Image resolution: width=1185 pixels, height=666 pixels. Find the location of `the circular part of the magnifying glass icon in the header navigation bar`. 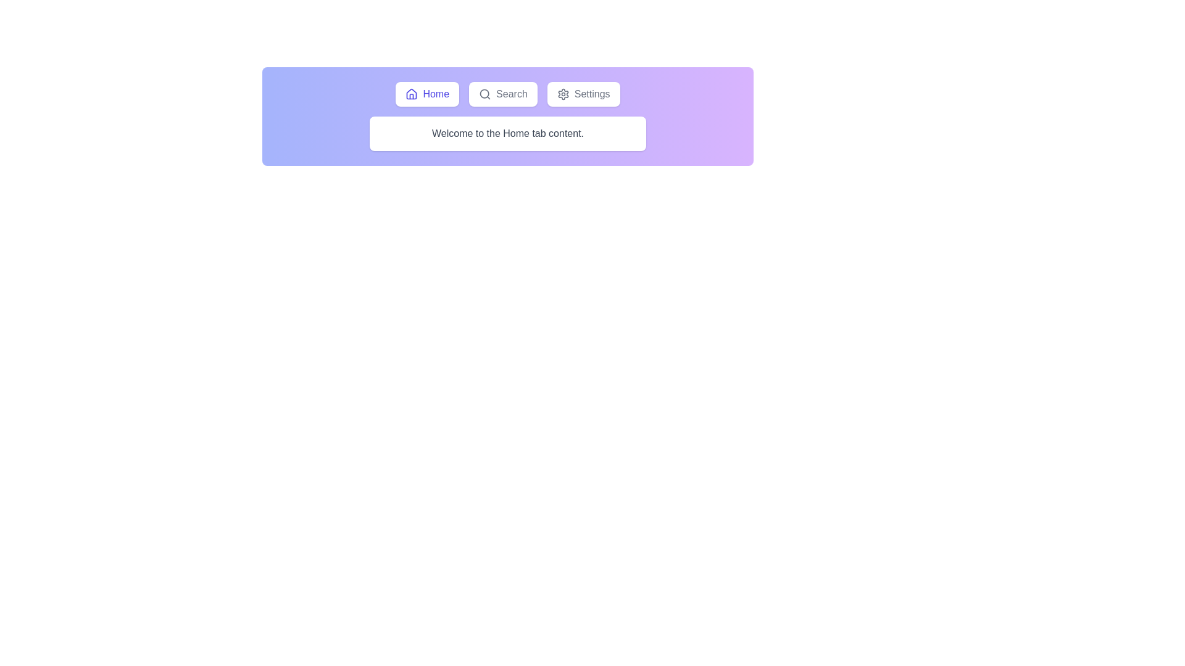

the circular part of the magnifying glass icon in the header navigation bar is located at coordinates (484, 93).